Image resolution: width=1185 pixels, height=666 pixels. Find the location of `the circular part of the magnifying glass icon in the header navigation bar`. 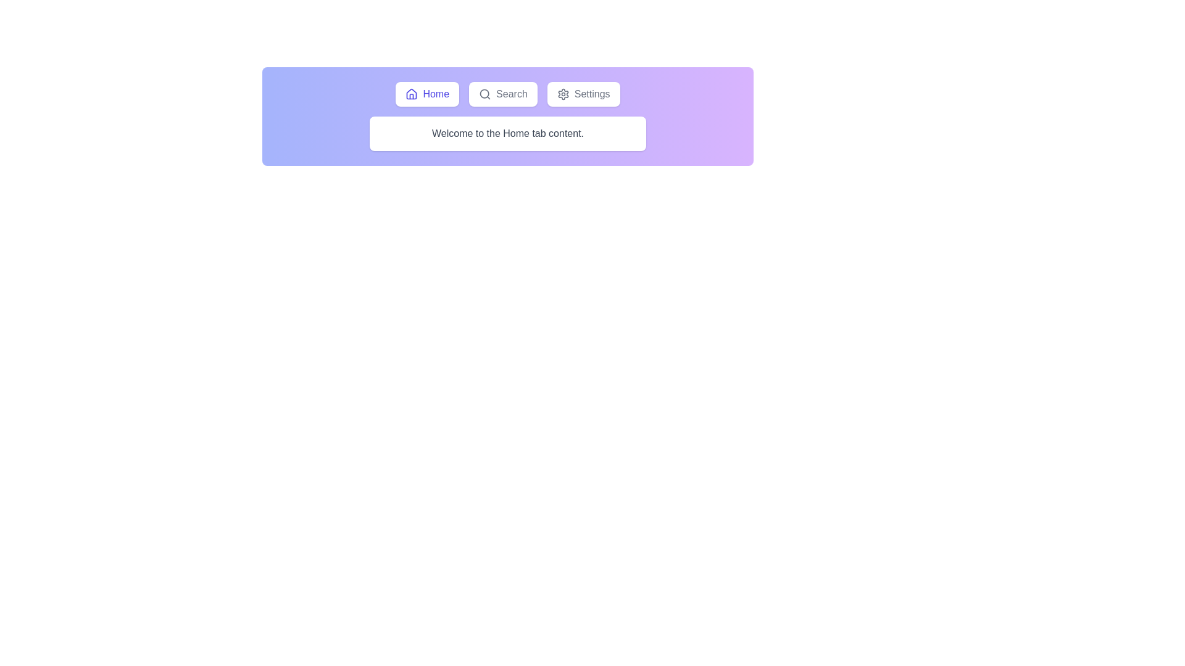

the circular part of the magnifying glass icon in the header navigation bar is located at coordinates (484, 93).